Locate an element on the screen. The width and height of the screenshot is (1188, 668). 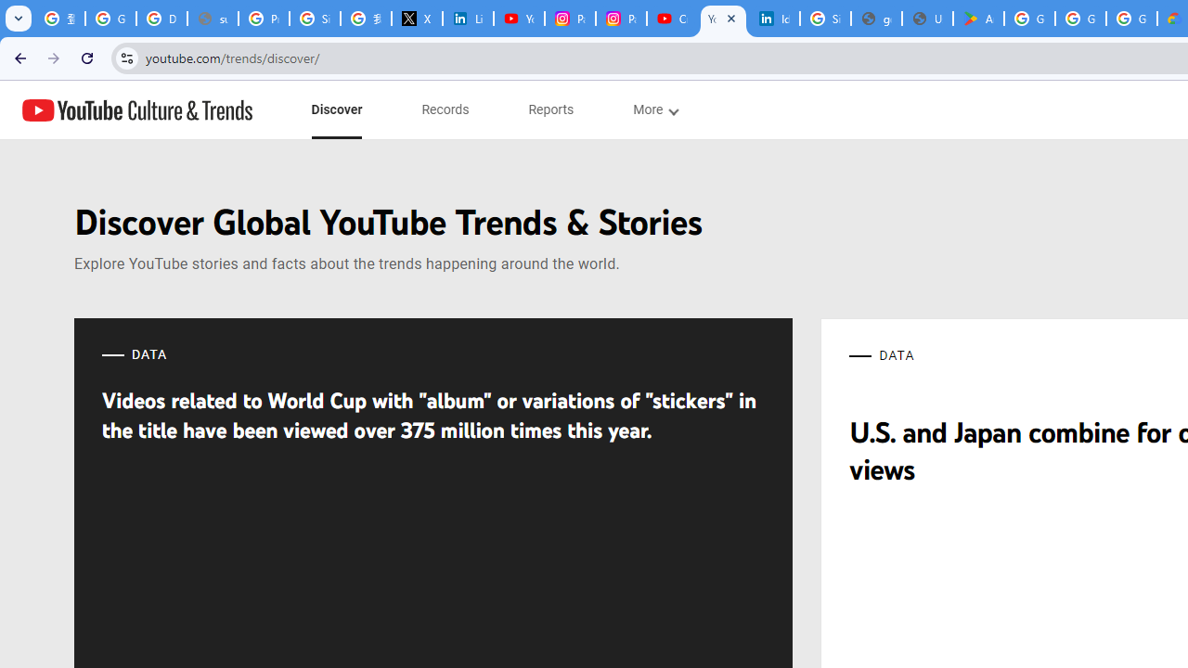
'X' is located at coordinates (416, 19).